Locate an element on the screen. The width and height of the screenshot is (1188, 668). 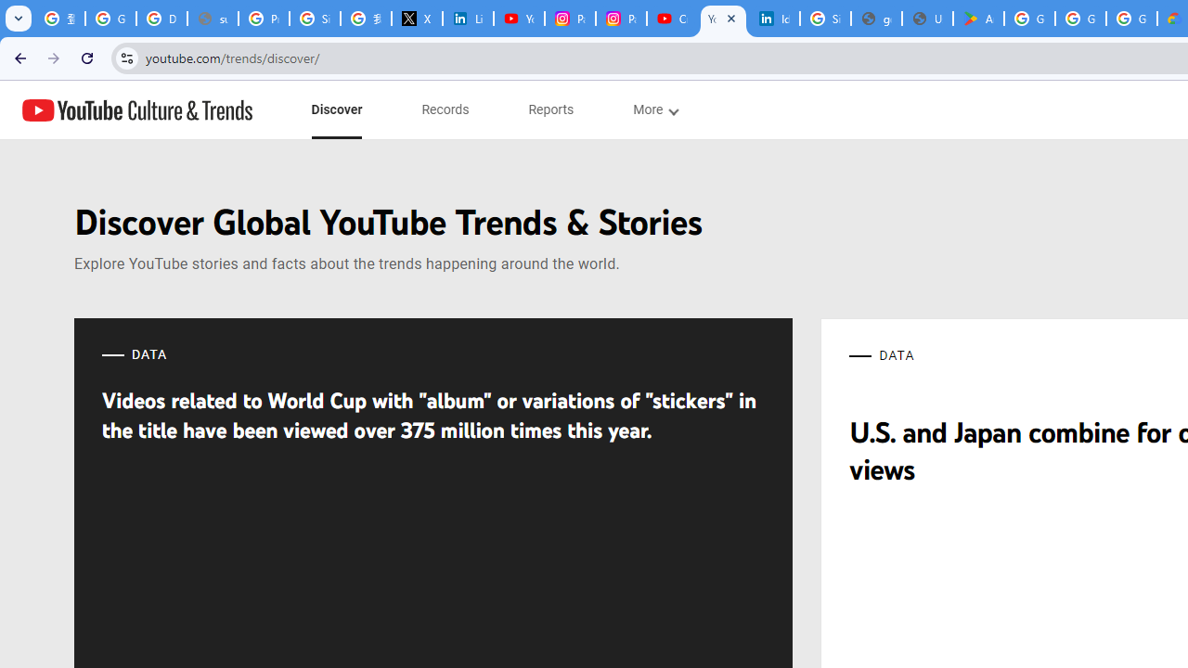
'X' is located at coordinates (416, 19).